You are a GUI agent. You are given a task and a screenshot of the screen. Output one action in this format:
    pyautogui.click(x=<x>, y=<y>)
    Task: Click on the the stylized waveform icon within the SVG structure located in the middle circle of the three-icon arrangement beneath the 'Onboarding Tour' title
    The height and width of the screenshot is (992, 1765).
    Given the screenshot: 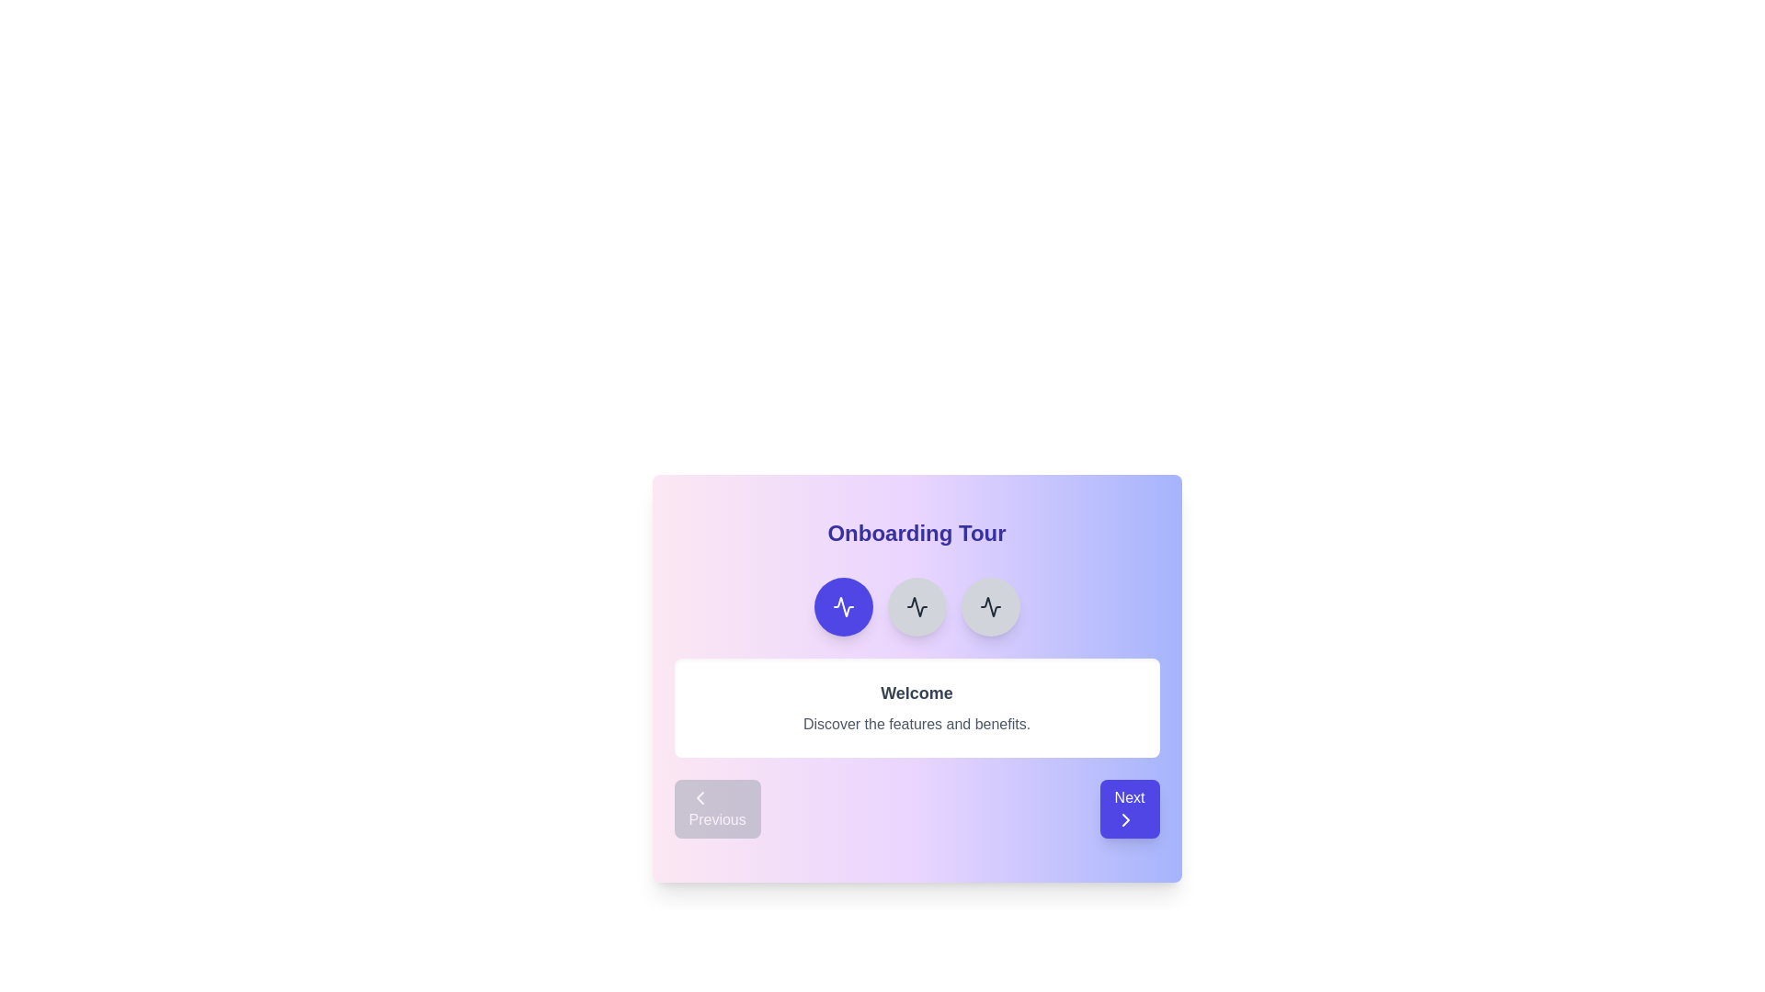 What is the action you would take?
    pyautogui.click(x=917, y=606)
    